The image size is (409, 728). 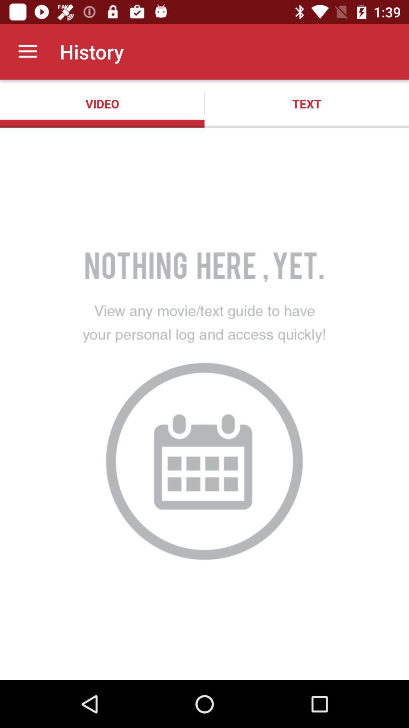 I want to click on the video icon, so click(x=102, y=103).